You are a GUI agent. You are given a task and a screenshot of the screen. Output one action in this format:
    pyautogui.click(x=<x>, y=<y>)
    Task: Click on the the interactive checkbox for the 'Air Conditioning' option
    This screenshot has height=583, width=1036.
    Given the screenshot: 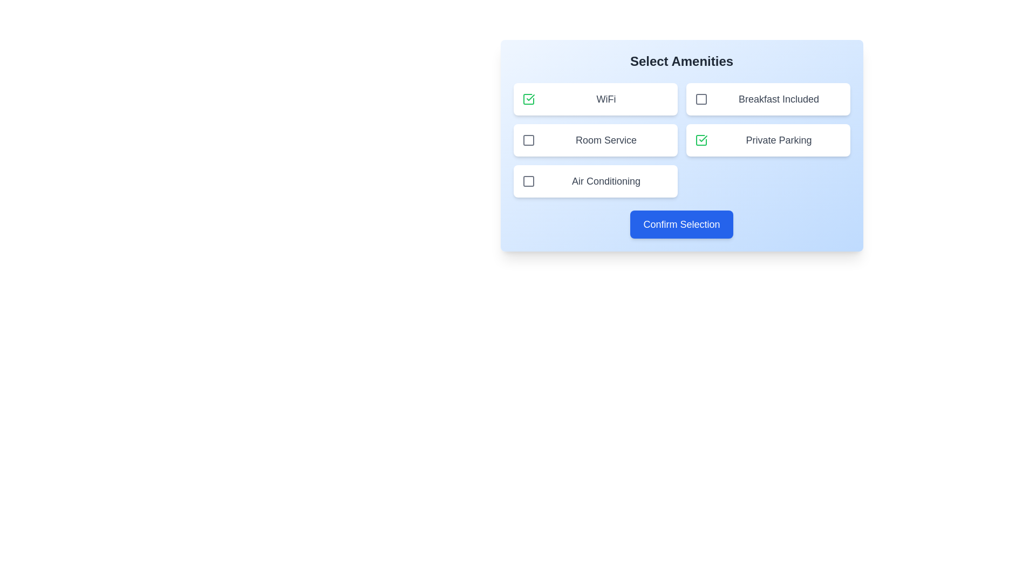 What is the action you would take?
    pyautogui.click(x=528, y=180)
    